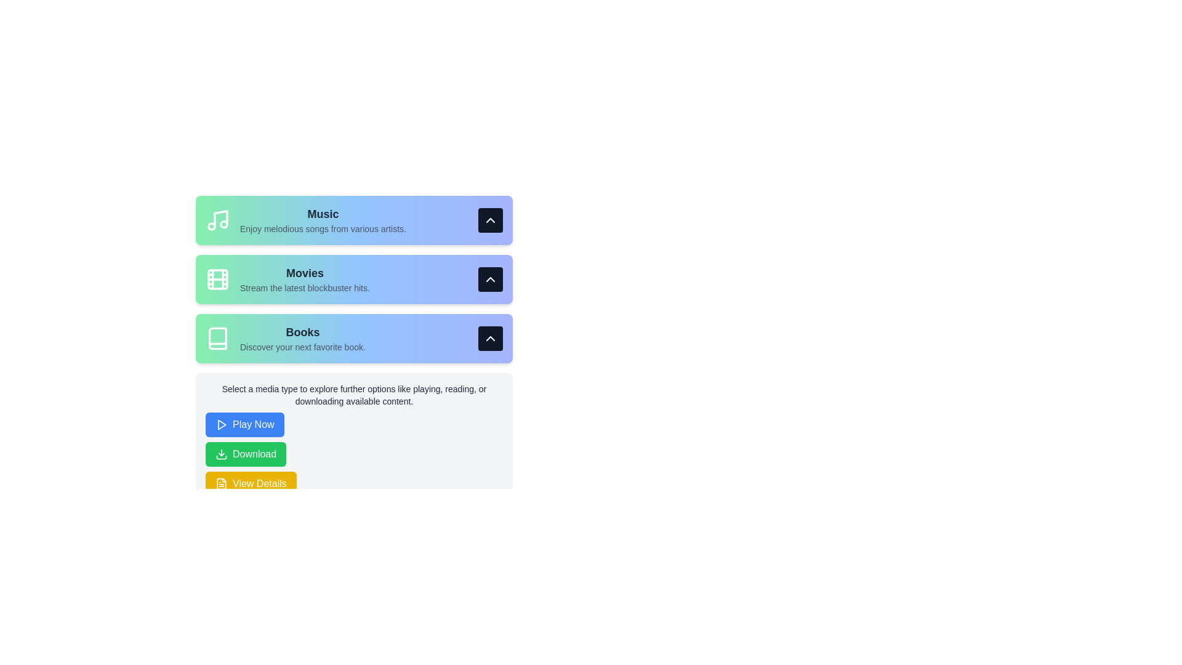  Describe the element at coordinates (489, 339) in the screenshot. I see `the interactive toggle button located on the right side of the 'Books' section` at that location.